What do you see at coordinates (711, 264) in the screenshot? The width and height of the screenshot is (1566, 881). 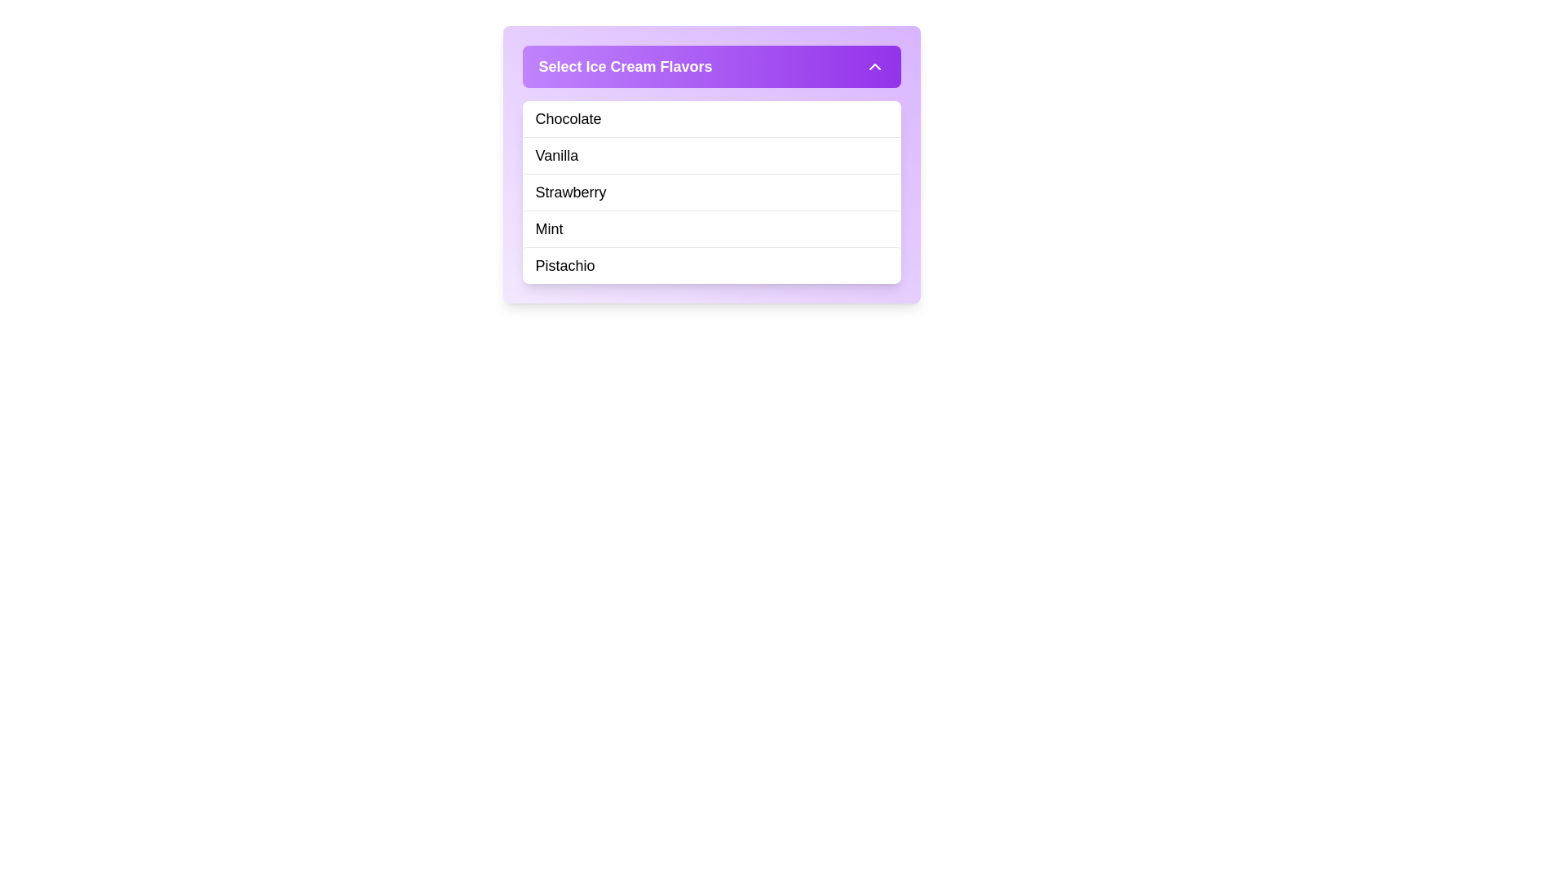 I see `the menu item labeled 'Pistachio' which is the fifth item in the dropdown menu` at bounding box center [711, 264].